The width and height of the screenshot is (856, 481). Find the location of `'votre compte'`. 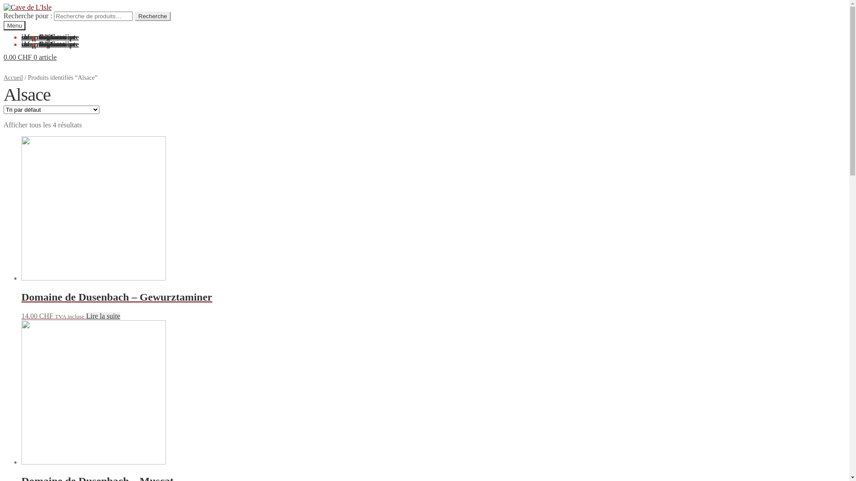

'votre compte' is located at coordinates (58, 44).